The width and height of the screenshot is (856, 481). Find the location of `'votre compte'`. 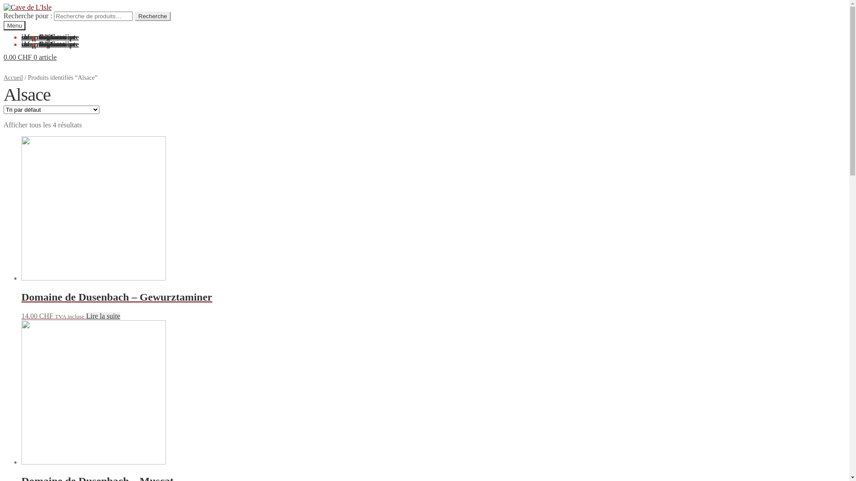

'votre compte' is located at coordinates (58, 44).